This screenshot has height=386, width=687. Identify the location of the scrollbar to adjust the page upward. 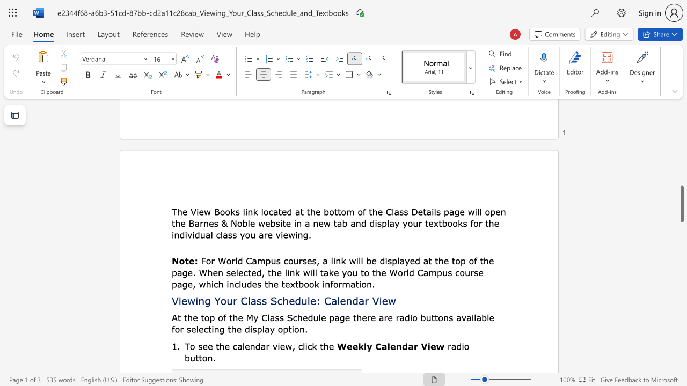
(681, 122).